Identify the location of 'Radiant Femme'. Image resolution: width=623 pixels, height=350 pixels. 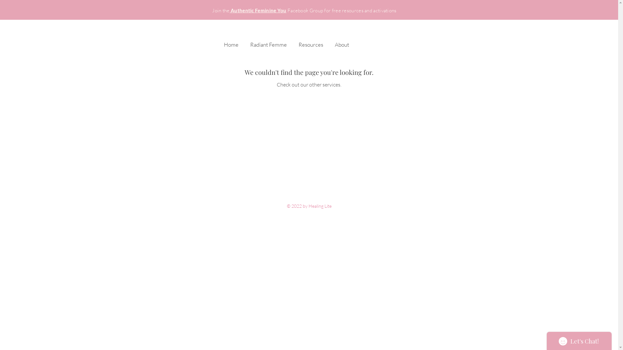
(268, 41).